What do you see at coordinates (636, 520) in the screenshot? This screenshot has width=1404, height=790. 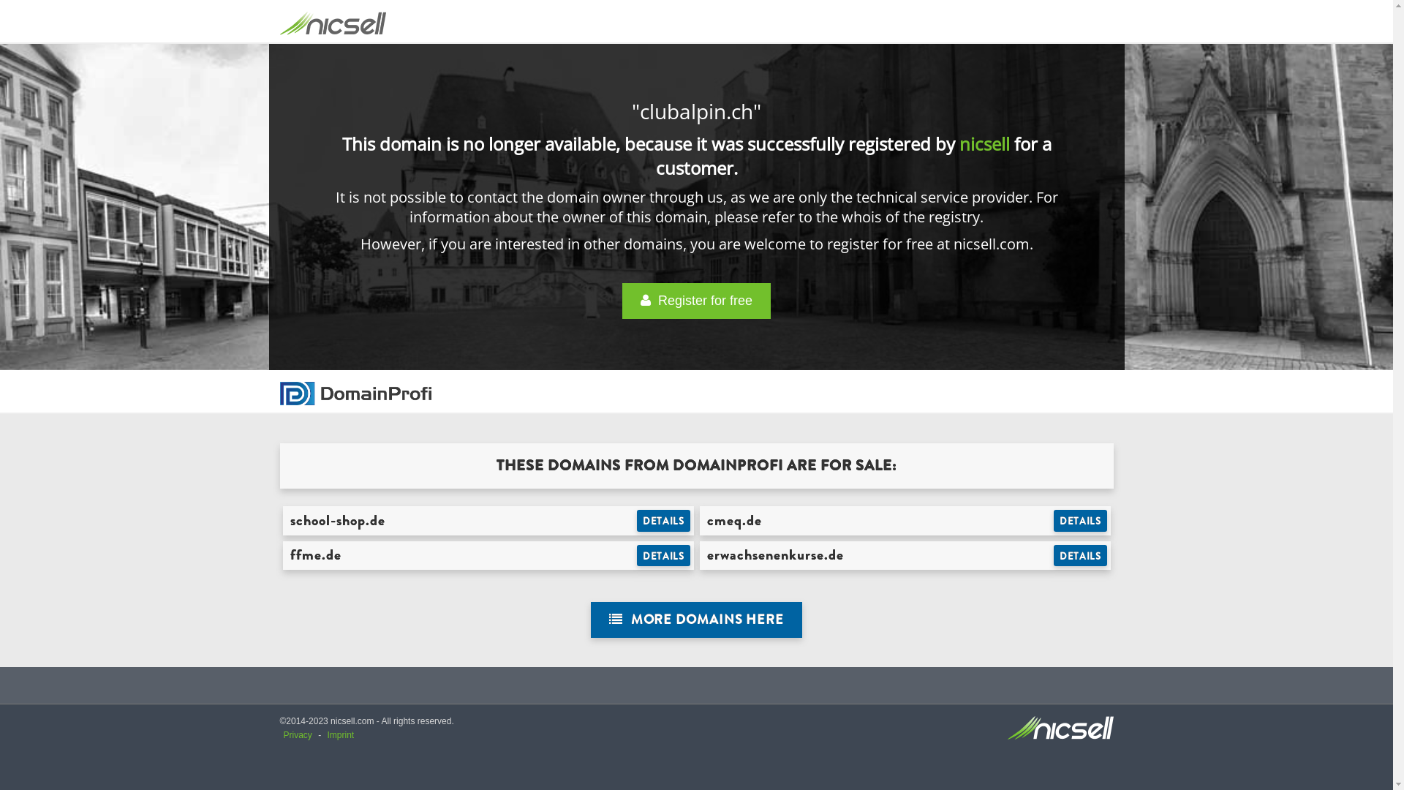 I see `'DETAILS'` at bounding box center [636, 520].